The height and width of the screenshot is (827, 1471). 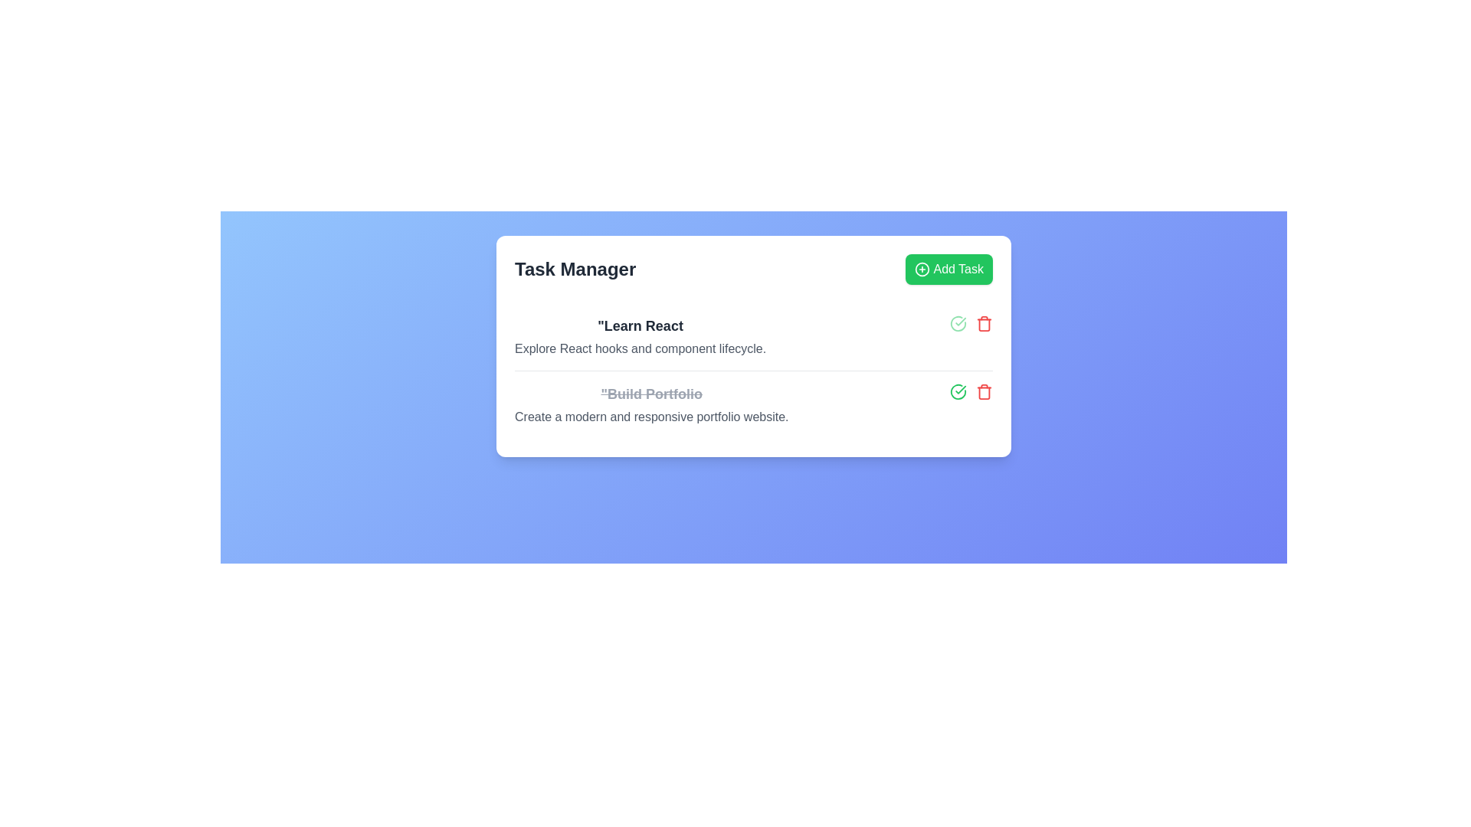 What do you see at coordinates (753, 404) in the screenshot?
I see `the task item titled 'Build Portfolio' in the task list` at bounding box center [753, 404].